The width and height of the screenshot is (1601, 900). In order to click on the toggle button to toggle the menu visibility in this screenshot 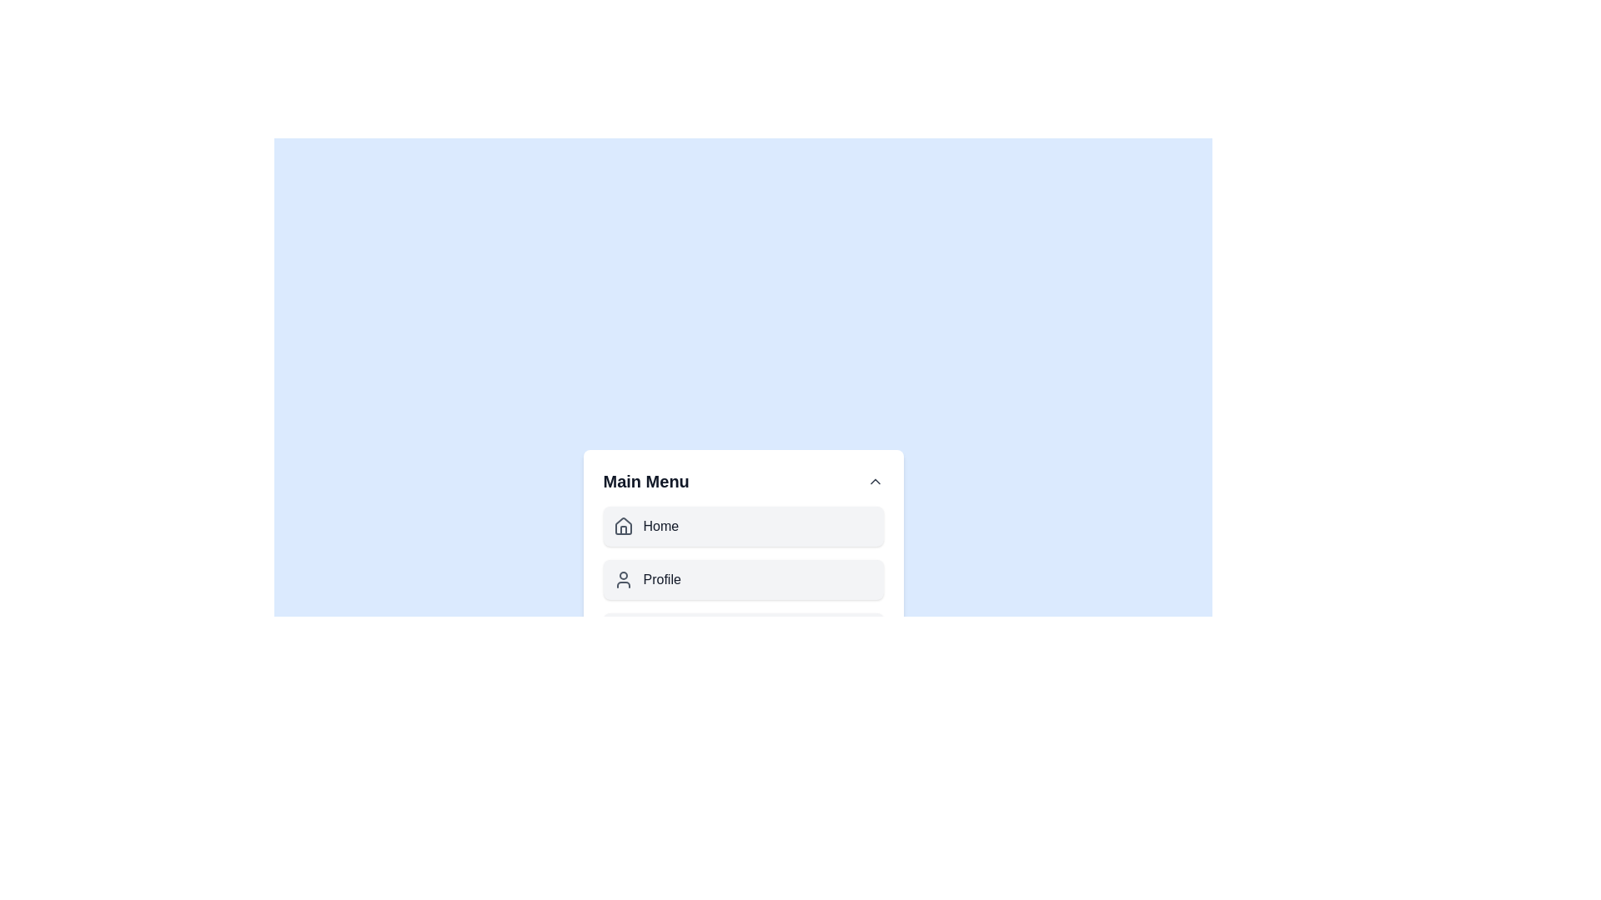, I will do `click(874, 482)`.